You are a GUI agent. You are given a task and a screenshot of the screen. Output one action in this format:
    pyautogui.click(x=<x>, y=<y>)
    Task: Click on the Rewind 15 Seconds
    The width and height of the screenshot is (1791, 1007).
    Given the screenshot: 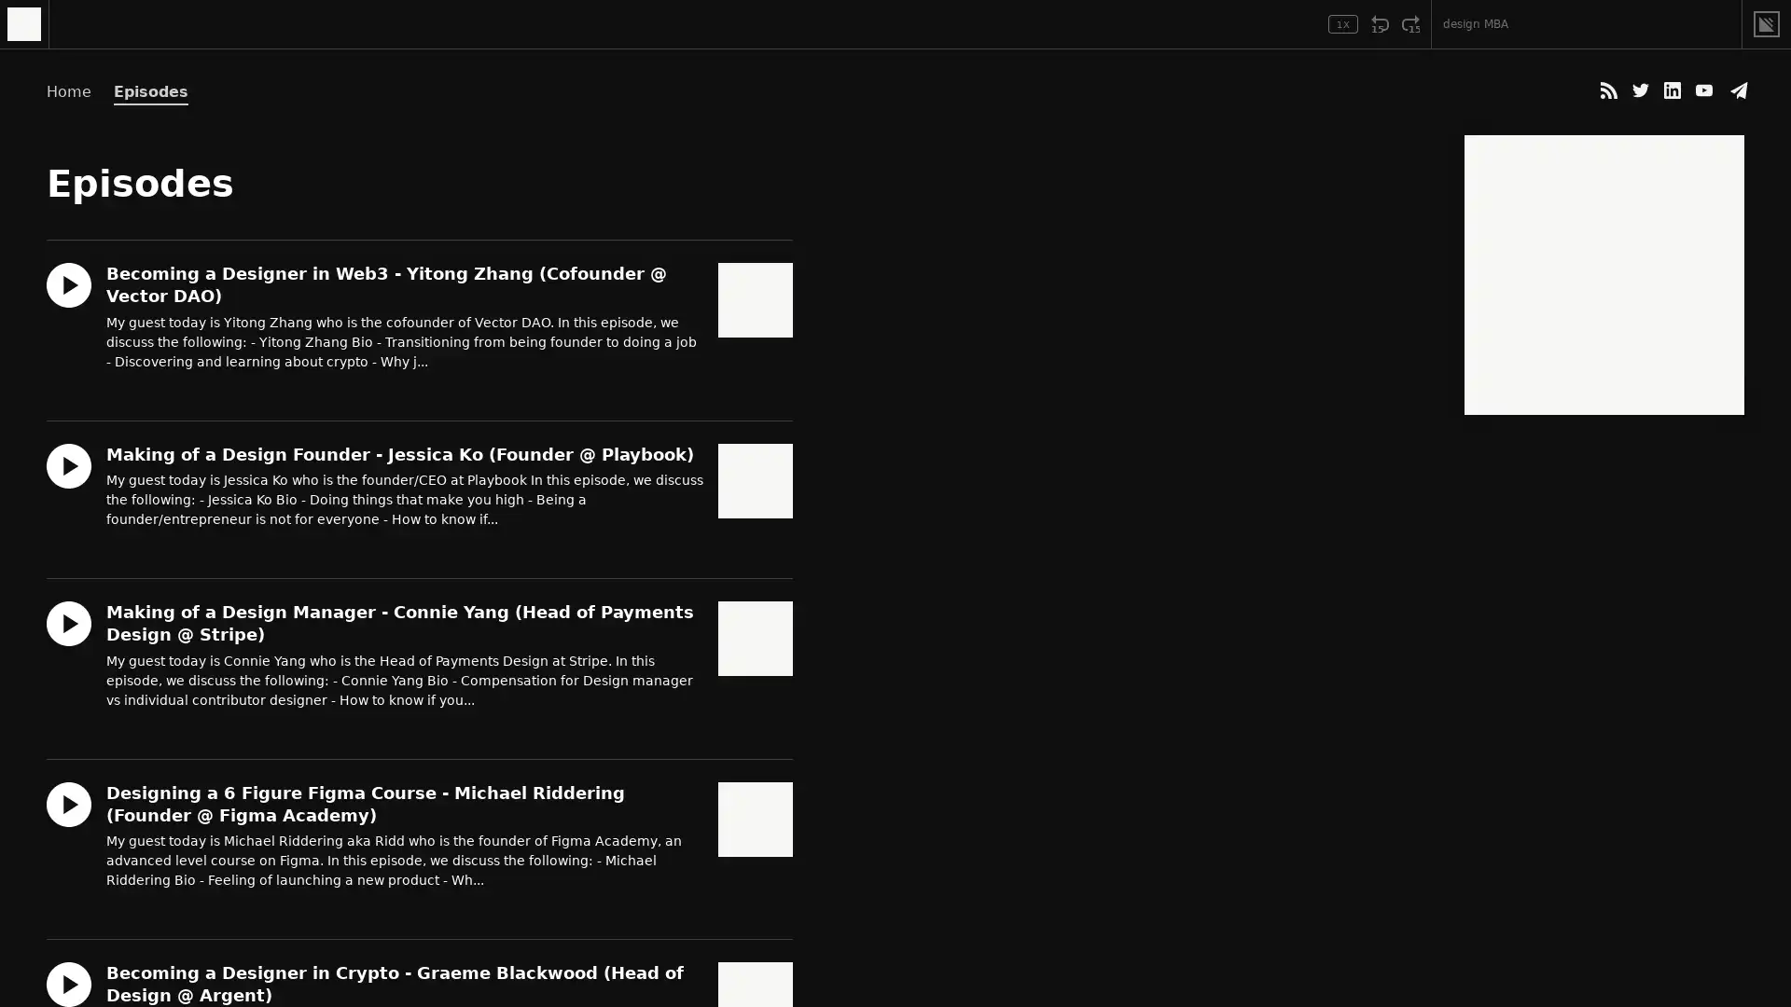 What is the action you would take?
    pyautogui.click(x=1380, y=24)
    